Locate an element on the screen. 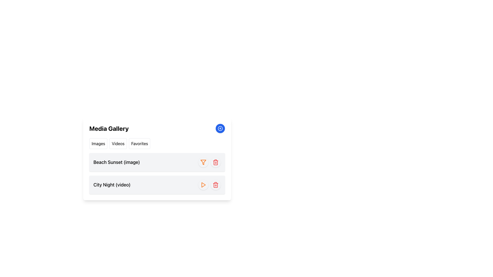 This screenshot has height=277, width=493. the 'Videos' button is located at coordinates (118, 143).